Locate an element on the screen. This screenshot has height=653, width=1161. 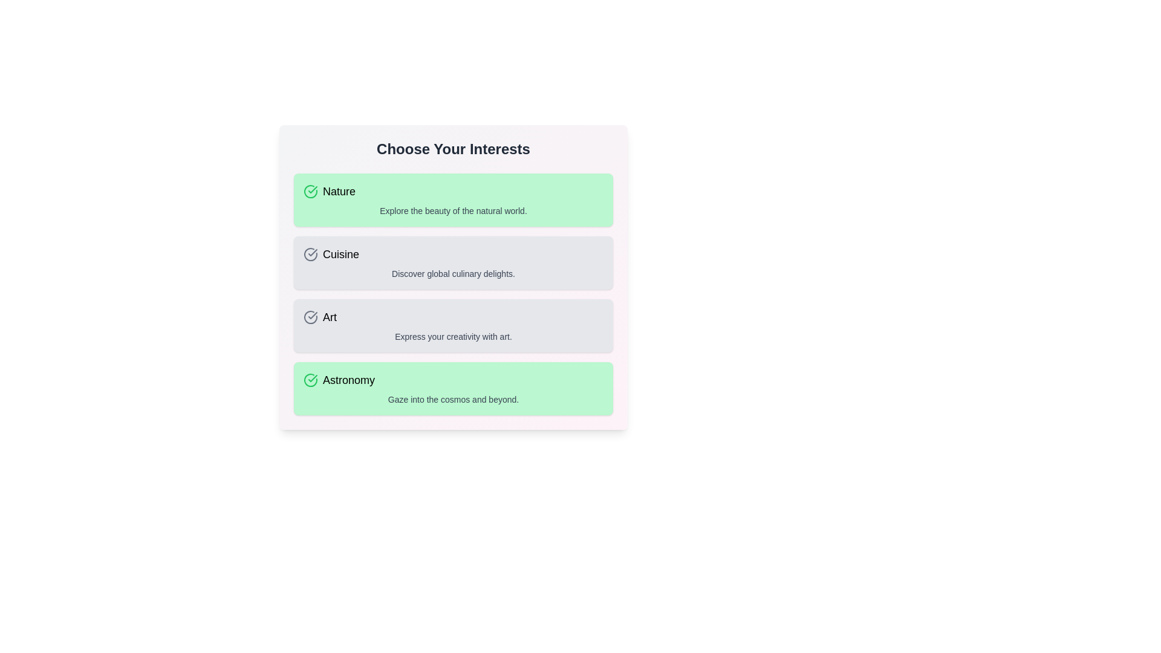
the interest item identified by Astronomy is located at coordinates (452, 389).